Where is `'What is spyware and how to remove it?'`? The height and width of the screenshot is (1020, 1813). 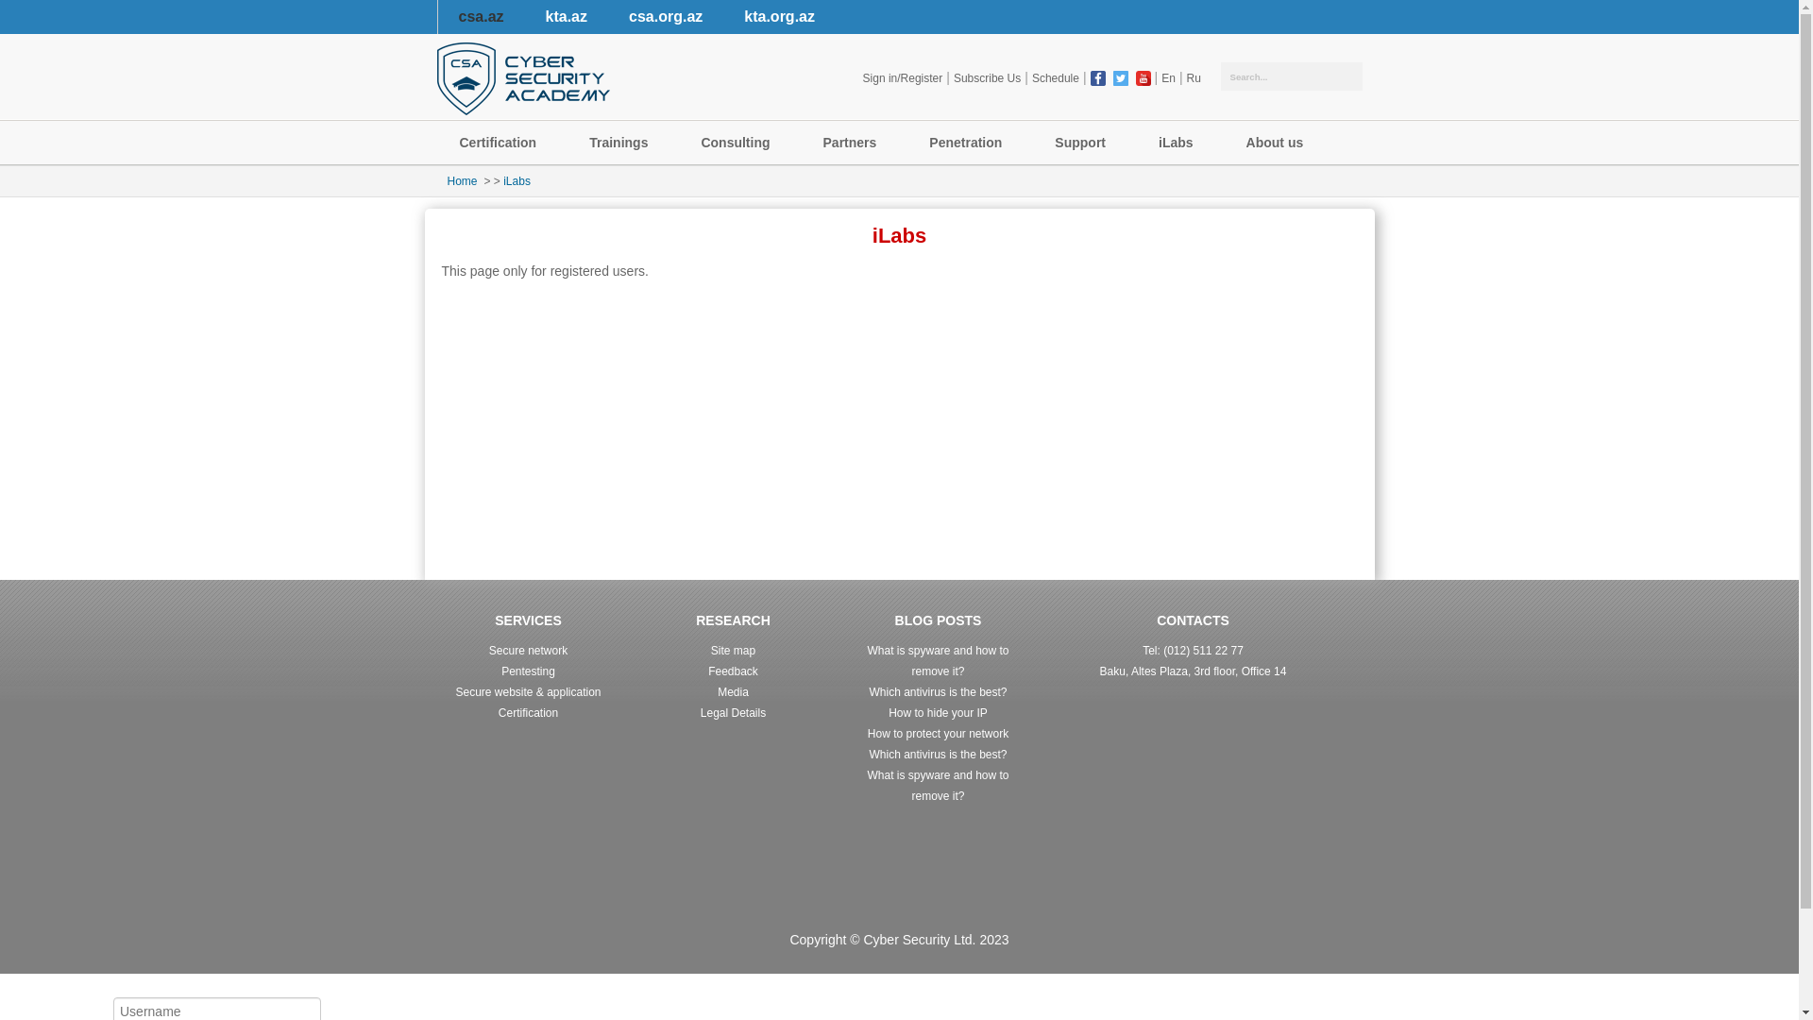
'What is spyware and how to remove it?' is located at coordinates (938, 786).